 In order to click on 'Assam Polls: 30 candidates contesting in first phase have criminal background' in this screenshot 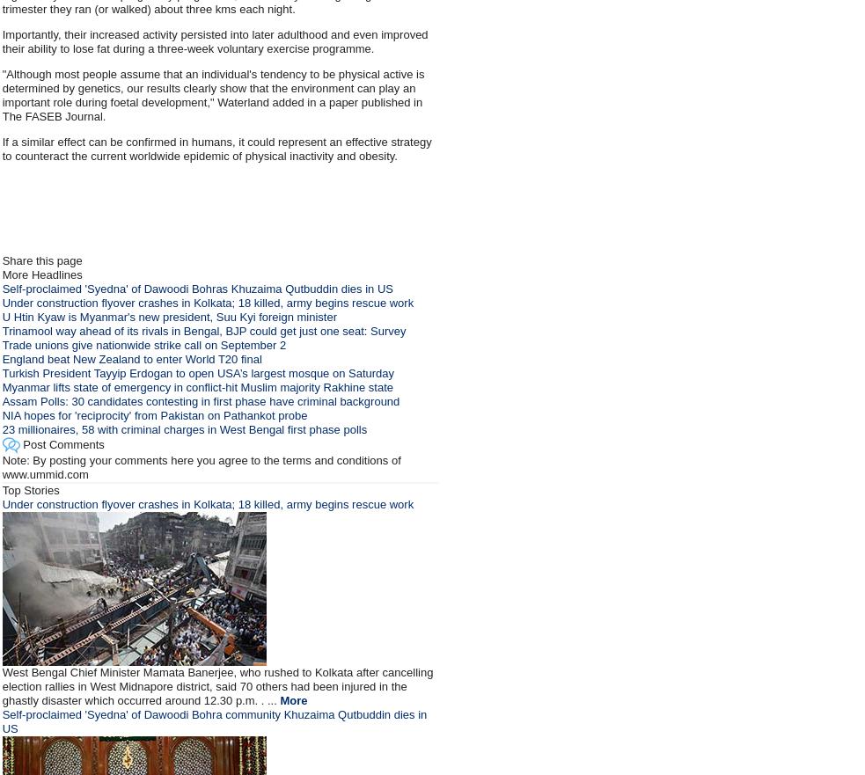, I will do `click(200, 401)`.